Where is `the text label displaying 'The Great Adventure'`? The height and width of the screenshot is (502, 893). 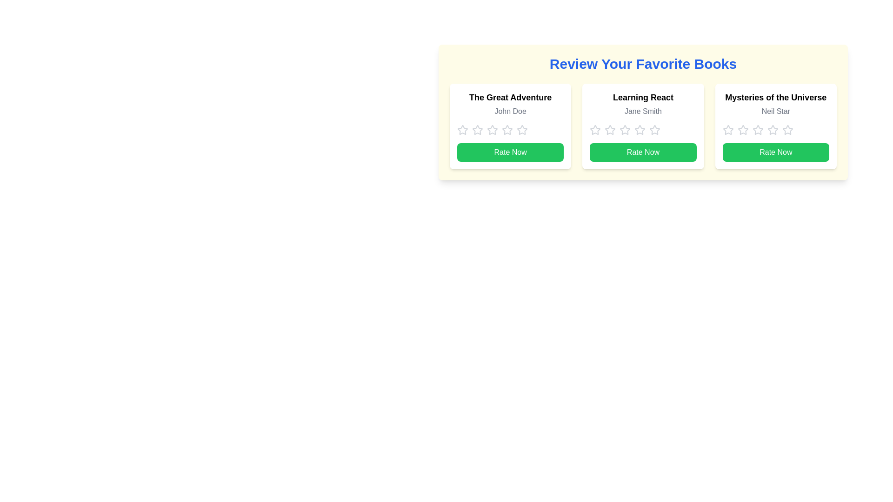 the text label displaying 'The Great Adventure' is located at coordinates (510, 97).